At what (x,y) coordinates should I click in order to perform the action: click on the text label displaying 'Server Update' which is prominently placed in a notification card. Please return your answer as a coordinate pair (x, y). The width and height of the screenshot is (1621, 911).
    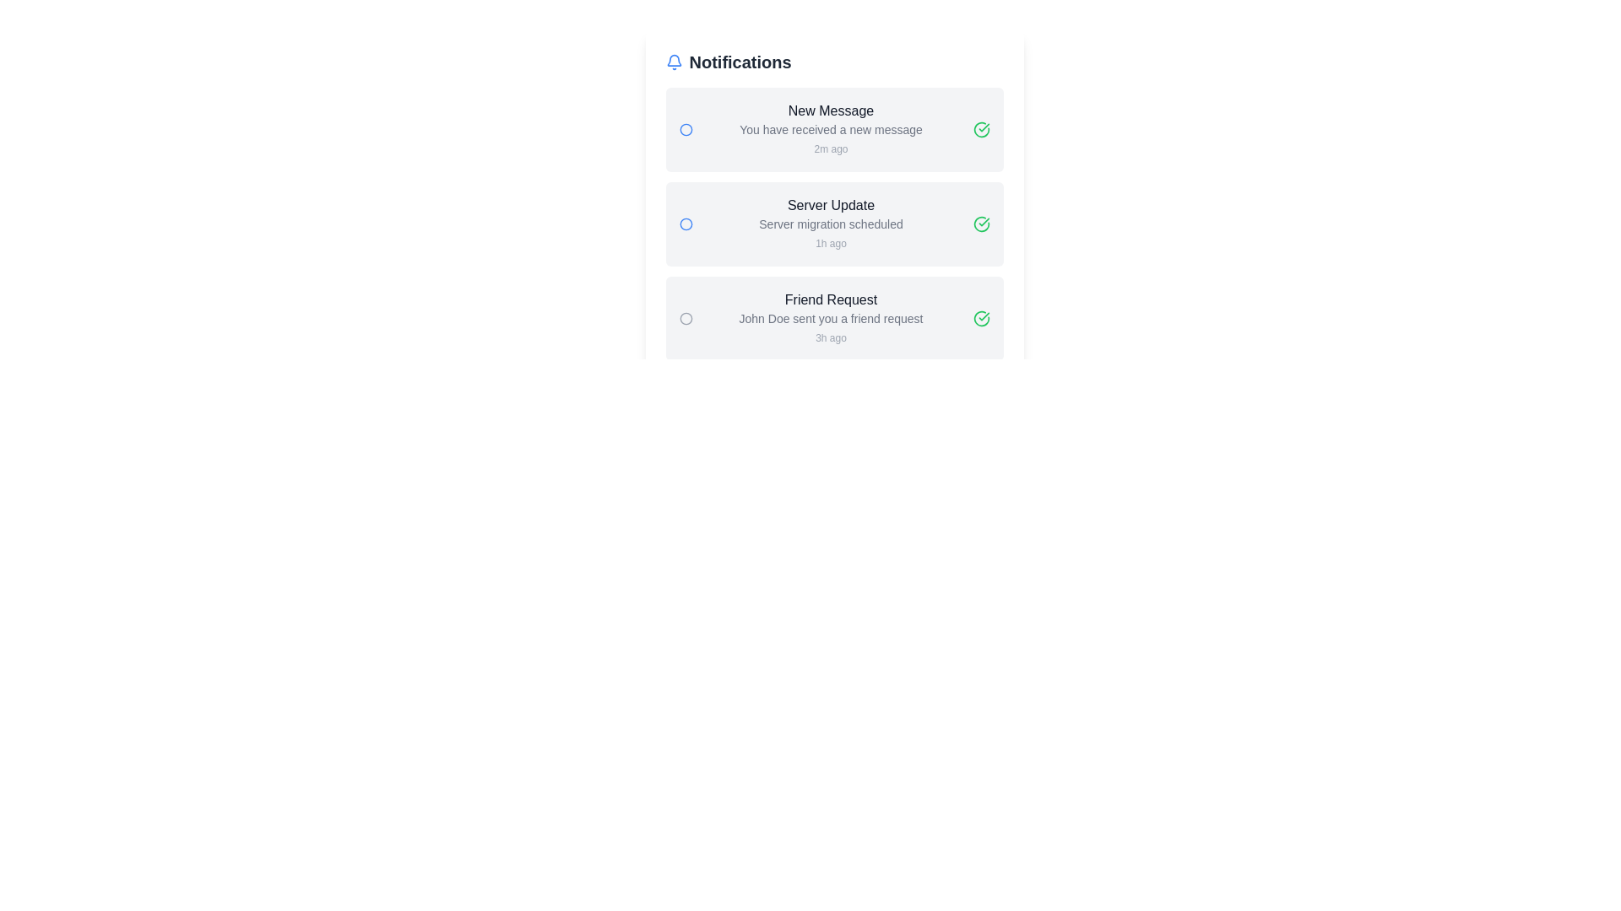
    Looking at the image, I should click on (831, 204).